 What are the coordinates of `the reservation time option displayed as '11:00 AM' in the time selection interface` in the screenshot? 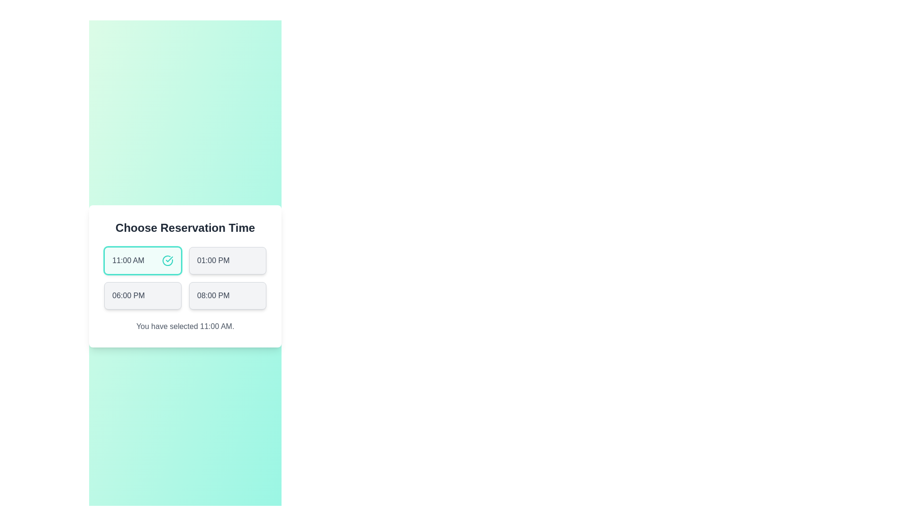 It's located at (127, 261).